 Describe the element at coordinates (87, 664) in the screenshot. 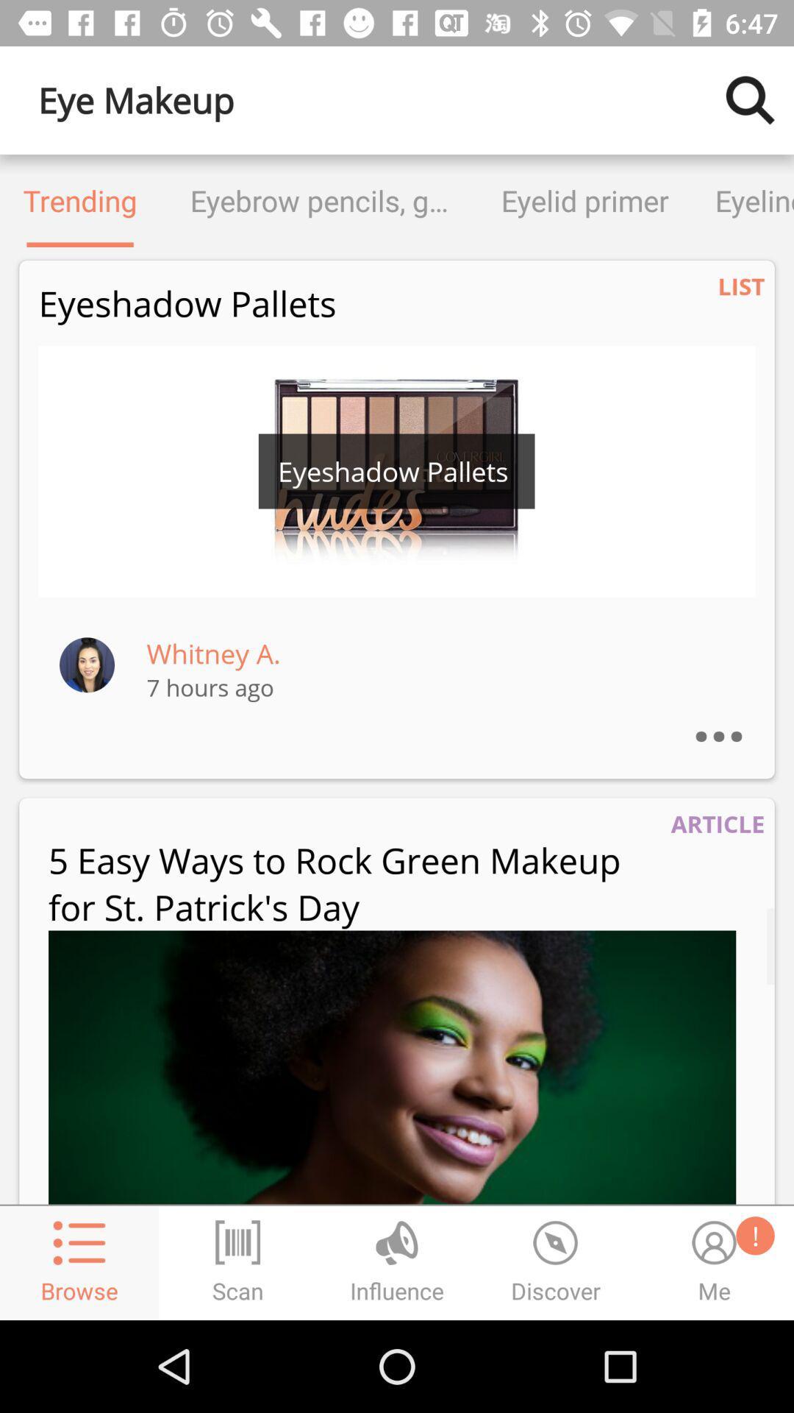

I see `profile information of whitney a` at that location.